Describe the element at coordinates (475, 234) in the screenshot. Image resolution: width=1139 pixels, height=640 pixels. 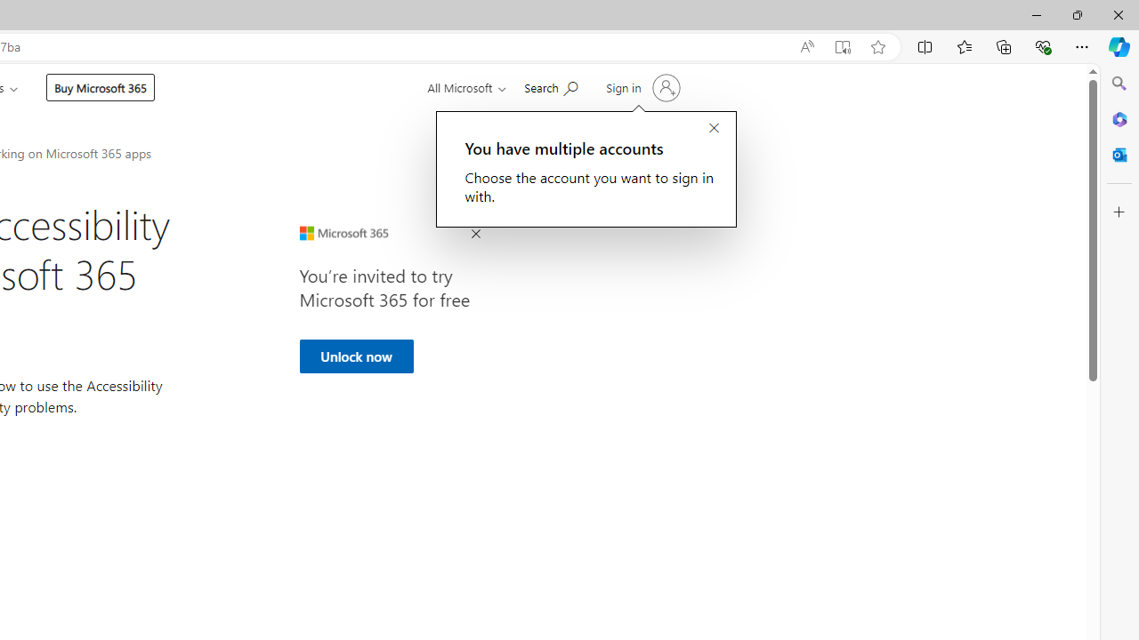
I see `'Close Ad'` at that location.